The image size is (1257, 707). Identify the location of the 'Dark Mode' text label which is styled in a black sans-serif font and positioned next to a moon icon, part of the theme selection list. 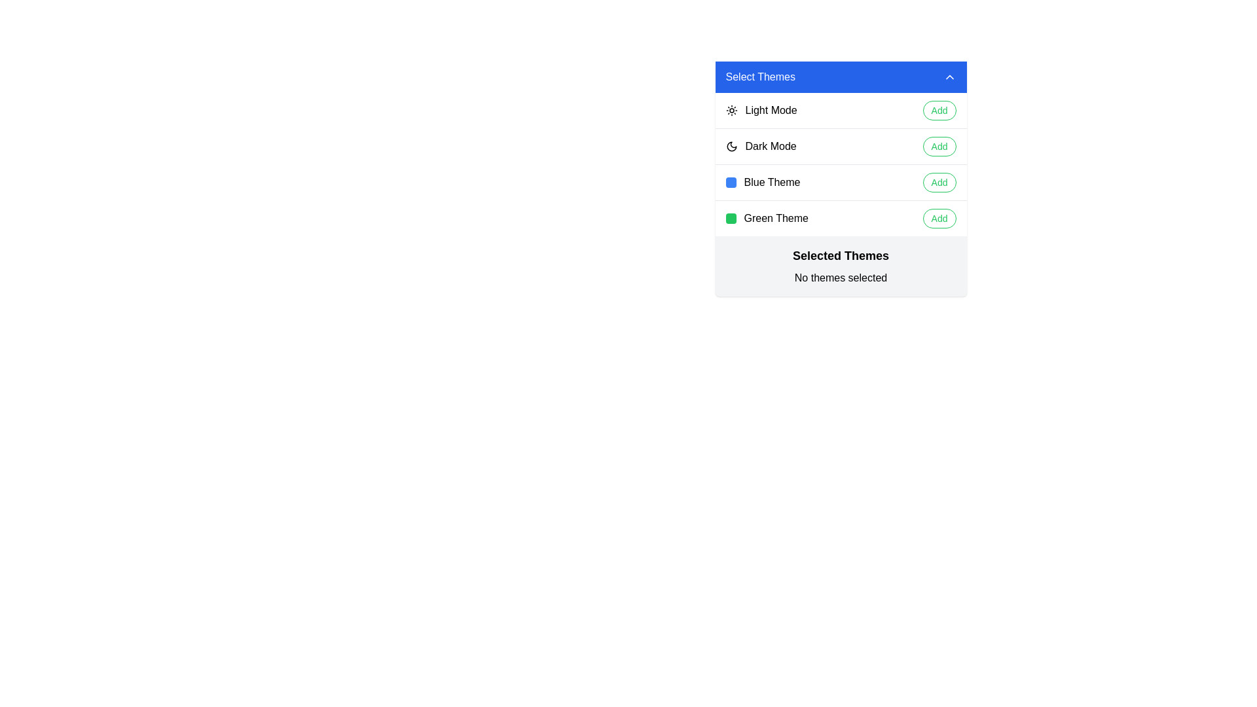
(771, 146).